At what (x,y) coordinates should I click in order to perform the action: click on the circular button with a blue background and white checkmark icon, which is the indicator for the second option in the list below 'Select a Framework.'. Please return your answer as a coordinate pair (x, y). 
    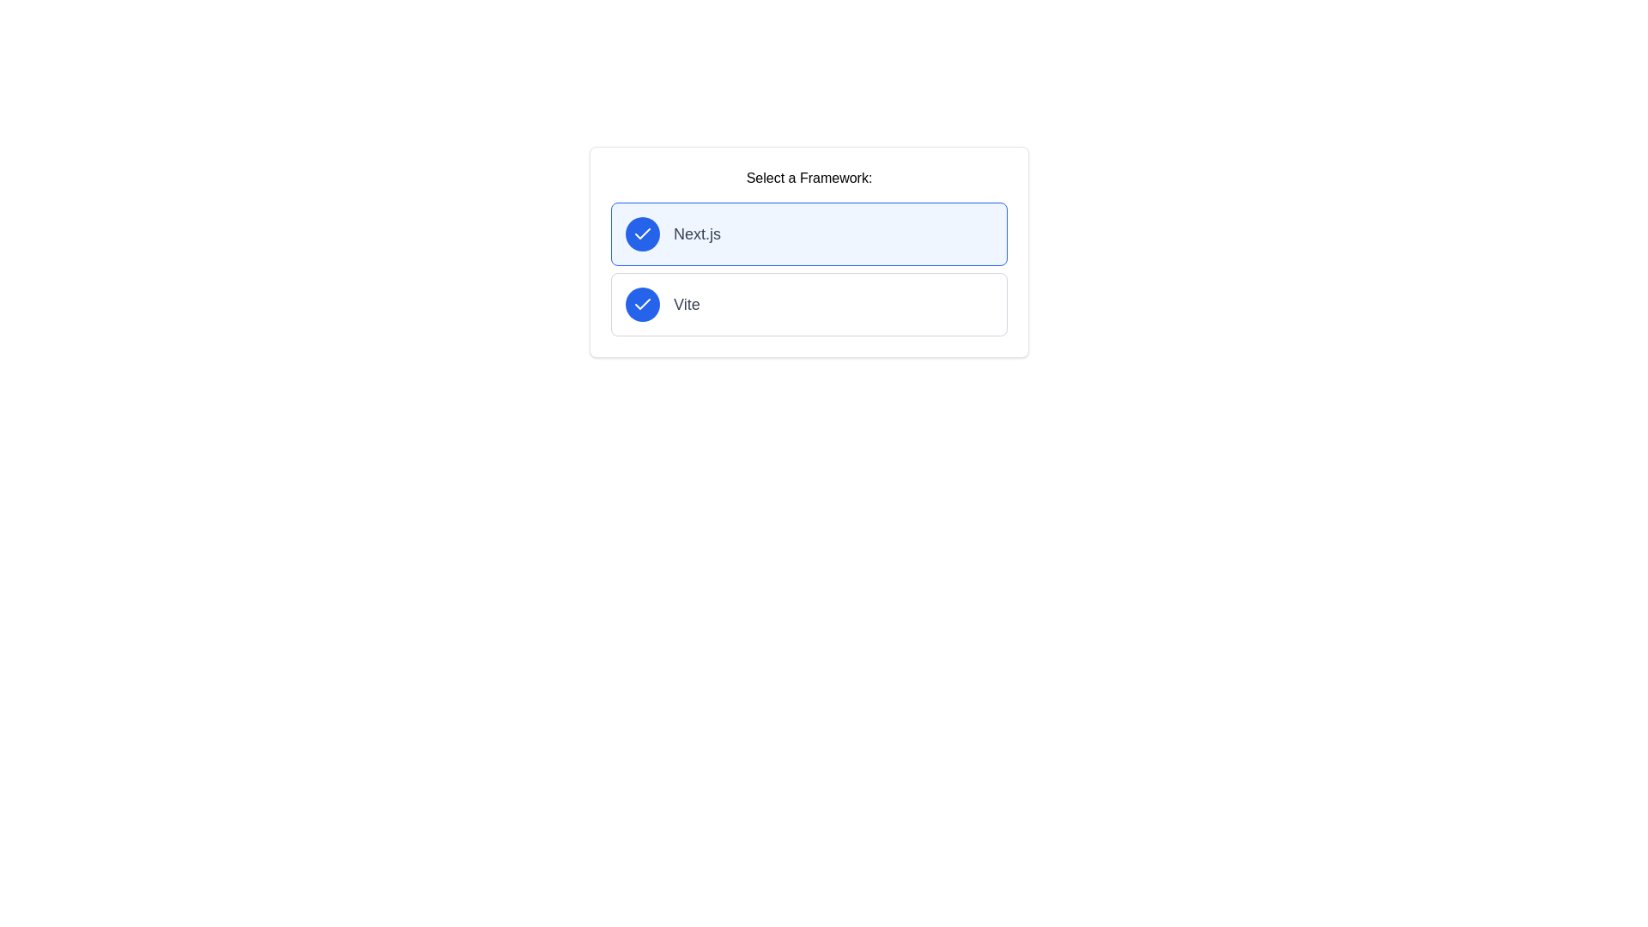
    Looking at the image, I should click on (641, 303).